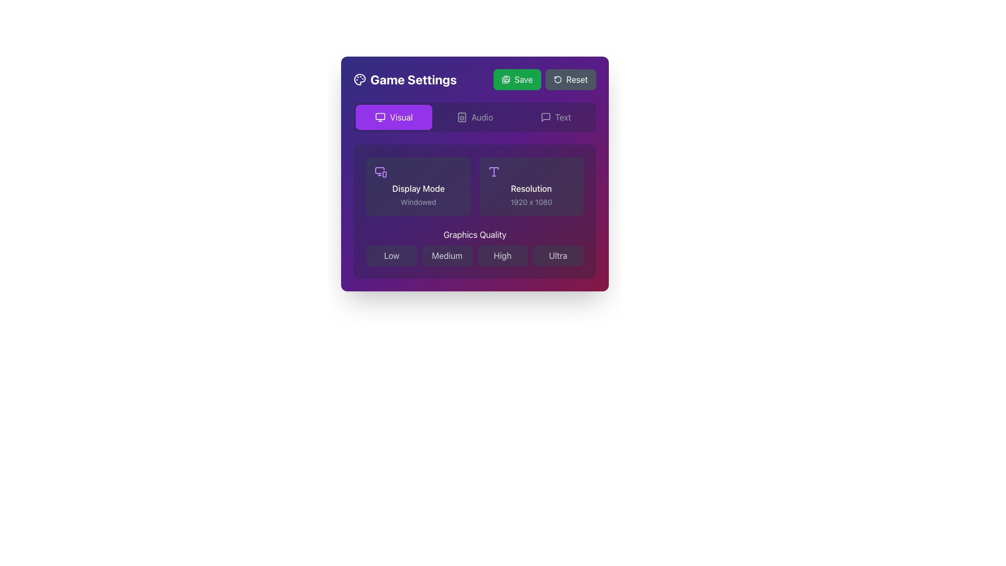  What do you see at coordinates (505, 80) in the screenshot?
I see `the save button located in the top-right of the game settings menu, which features an icon resembling a document or save symbol` at bounding box center [505, 80].